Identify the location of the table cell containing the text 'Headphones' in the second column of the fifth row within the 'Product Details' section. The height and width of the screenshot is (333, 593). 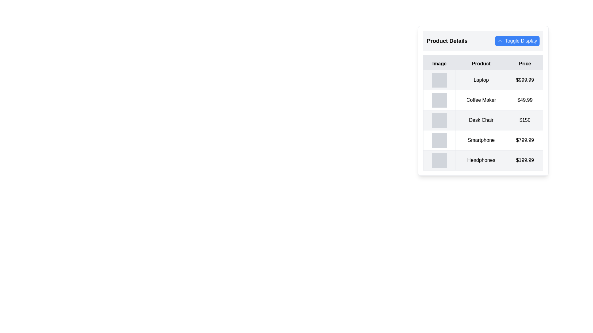
(481, 160).